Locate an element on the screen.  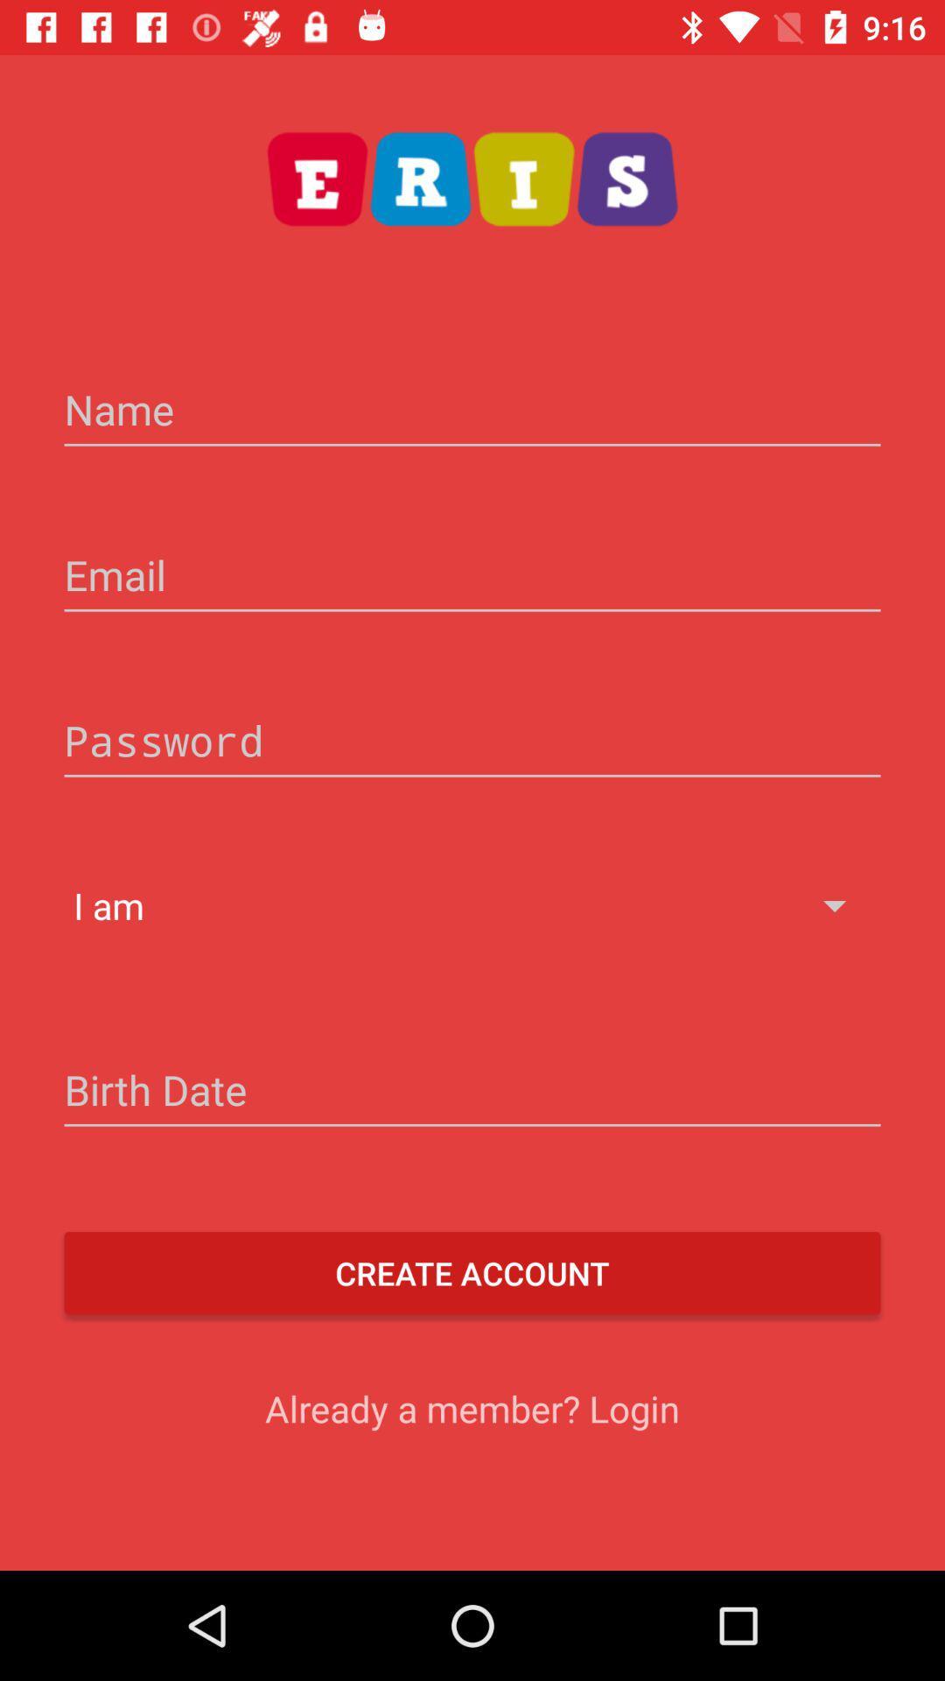
the icon below the i am icon is located at coordinates (472, 1092).